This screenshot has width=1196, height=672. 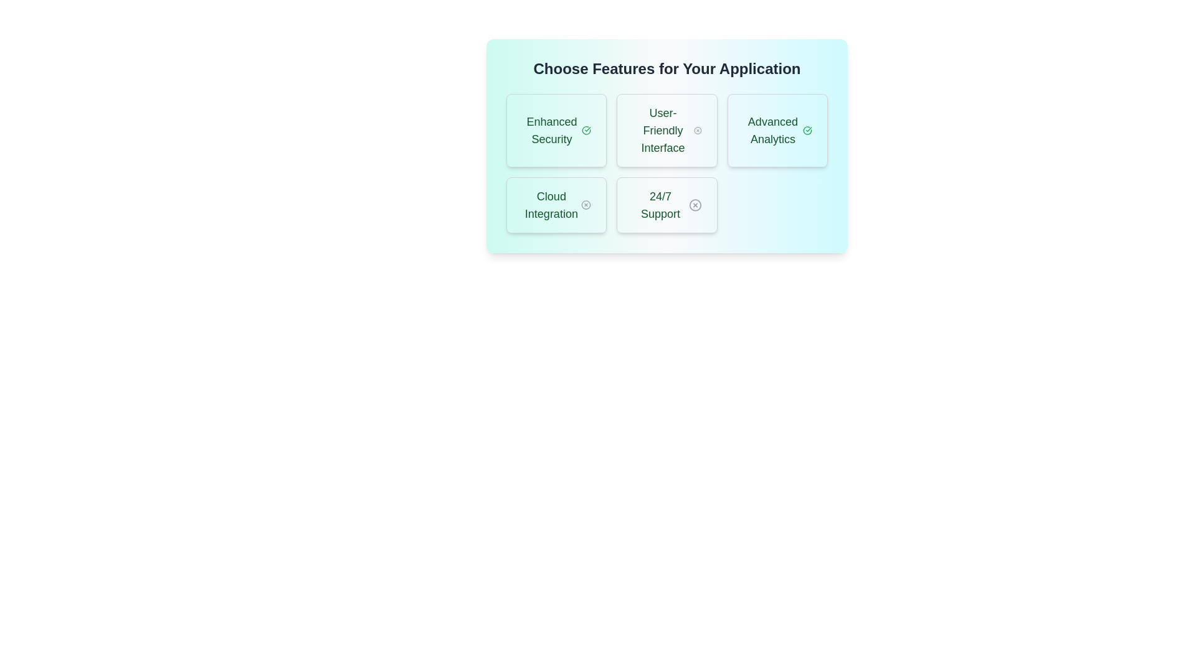 What do you see at coordinates (556, 205) in the screenshot?
I see `the feature Cloud Integration to trigger additional visual feedback` at bounding box center [556, 205].